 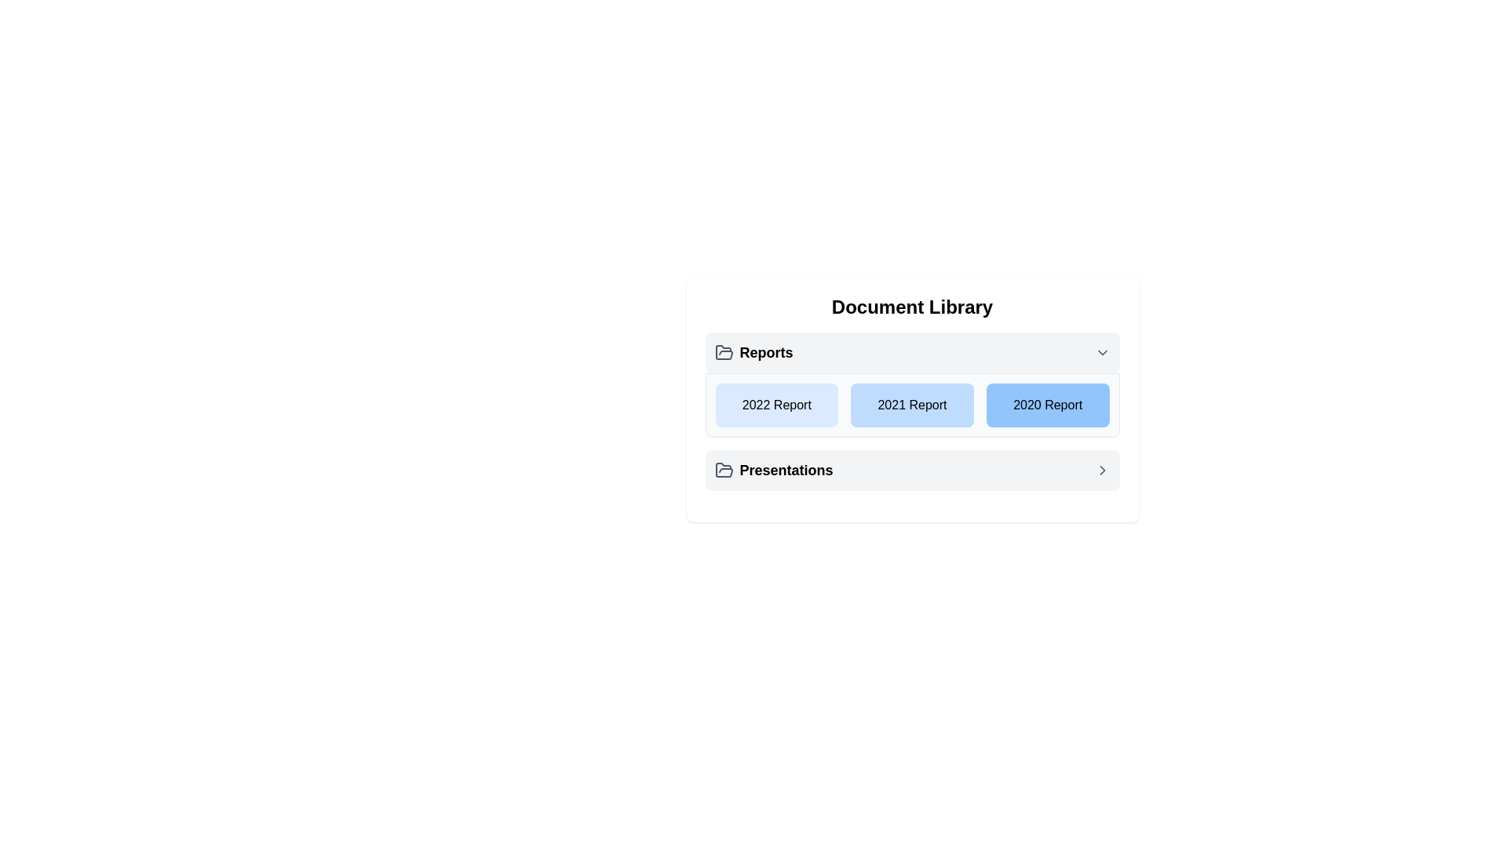 I want to click on the open folder icon located to the left of the 'Presentations' text label, so click(x=723, y=470).